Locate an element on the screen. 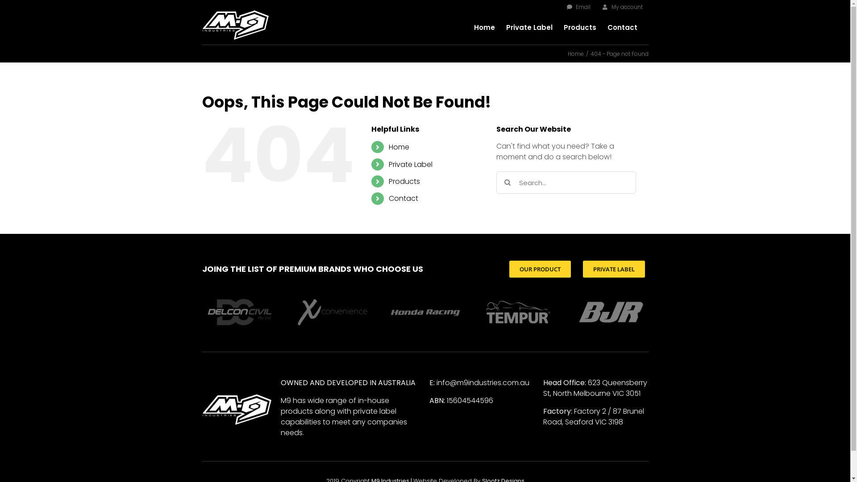  'Partner-Logo-BJR@2x' is located at coordinates (573, 312).